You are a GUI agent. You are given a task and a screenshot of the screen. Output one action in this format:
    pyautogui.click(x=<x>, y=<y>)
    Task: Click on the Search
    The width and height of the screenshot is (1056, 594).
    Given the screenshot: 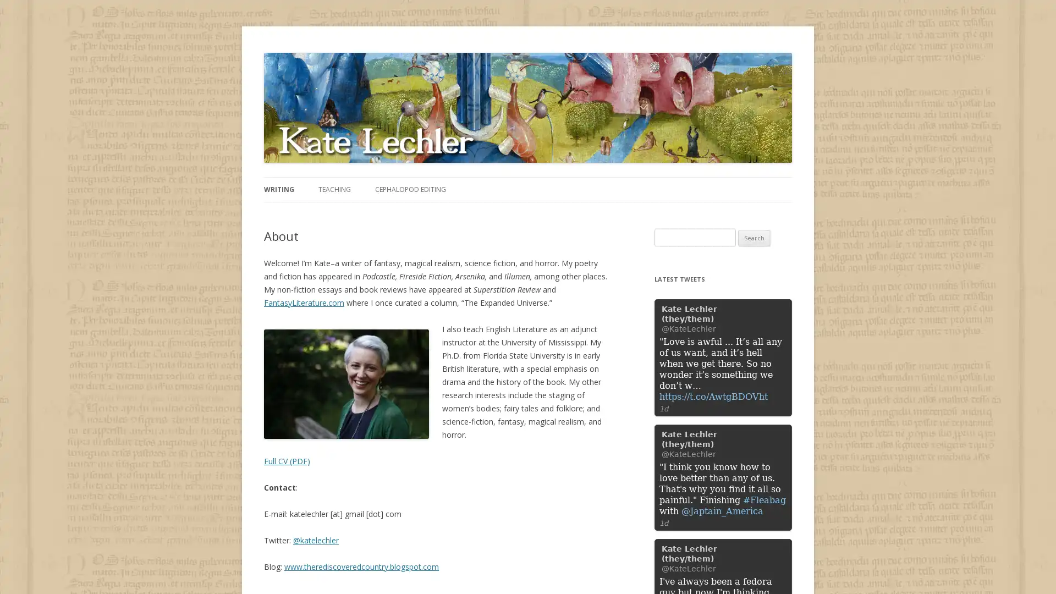 What is the action you would take?
    pyautogui.click(x=754, y=237)
    